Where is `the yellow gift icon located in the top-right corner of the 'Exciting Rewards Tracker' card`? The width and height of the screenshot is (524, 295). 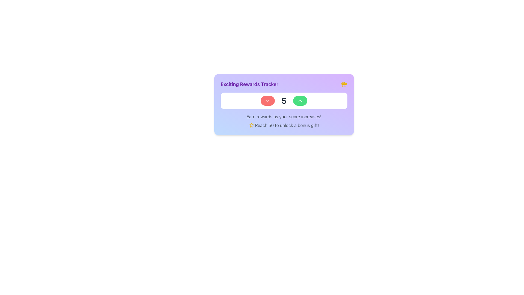 the yellow gift icon located in the top-right corner of the 'Exciting Rewards Tracker' card is located at coordinates (344, 84).